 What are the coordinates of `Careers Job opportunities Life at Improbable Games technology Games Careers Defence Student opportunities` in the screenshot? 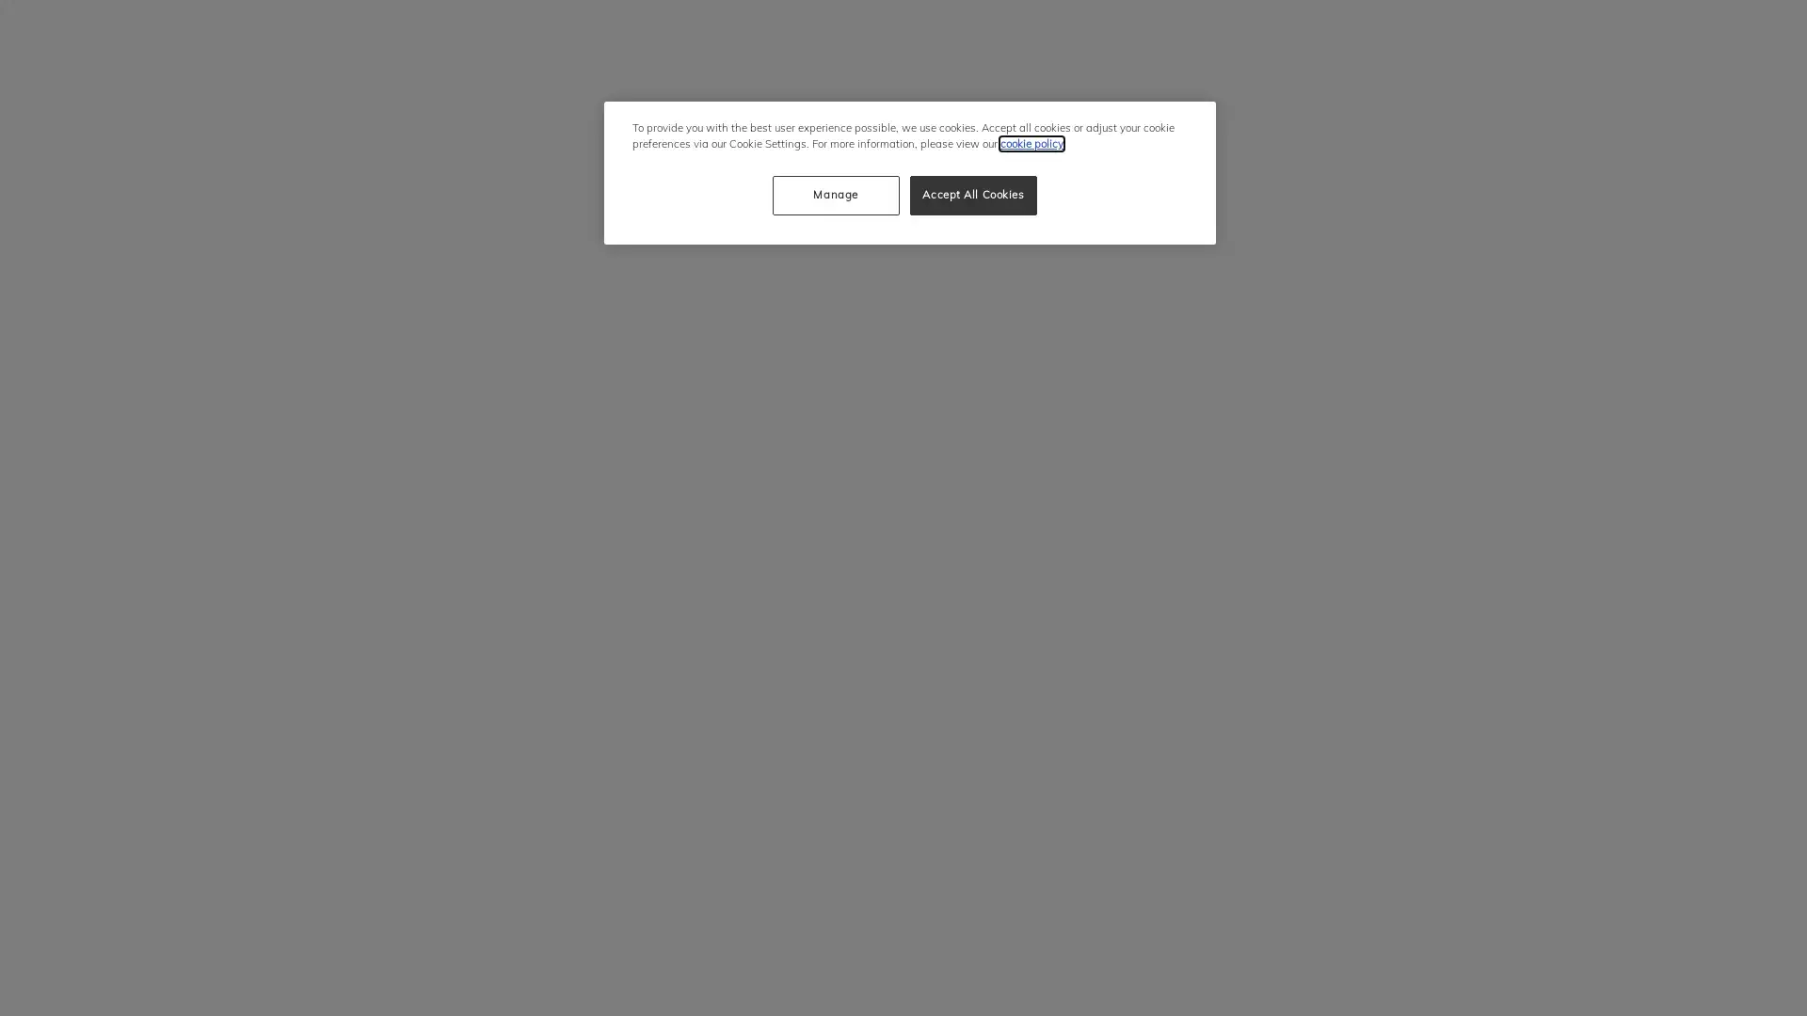 It's located at (1532, 45).